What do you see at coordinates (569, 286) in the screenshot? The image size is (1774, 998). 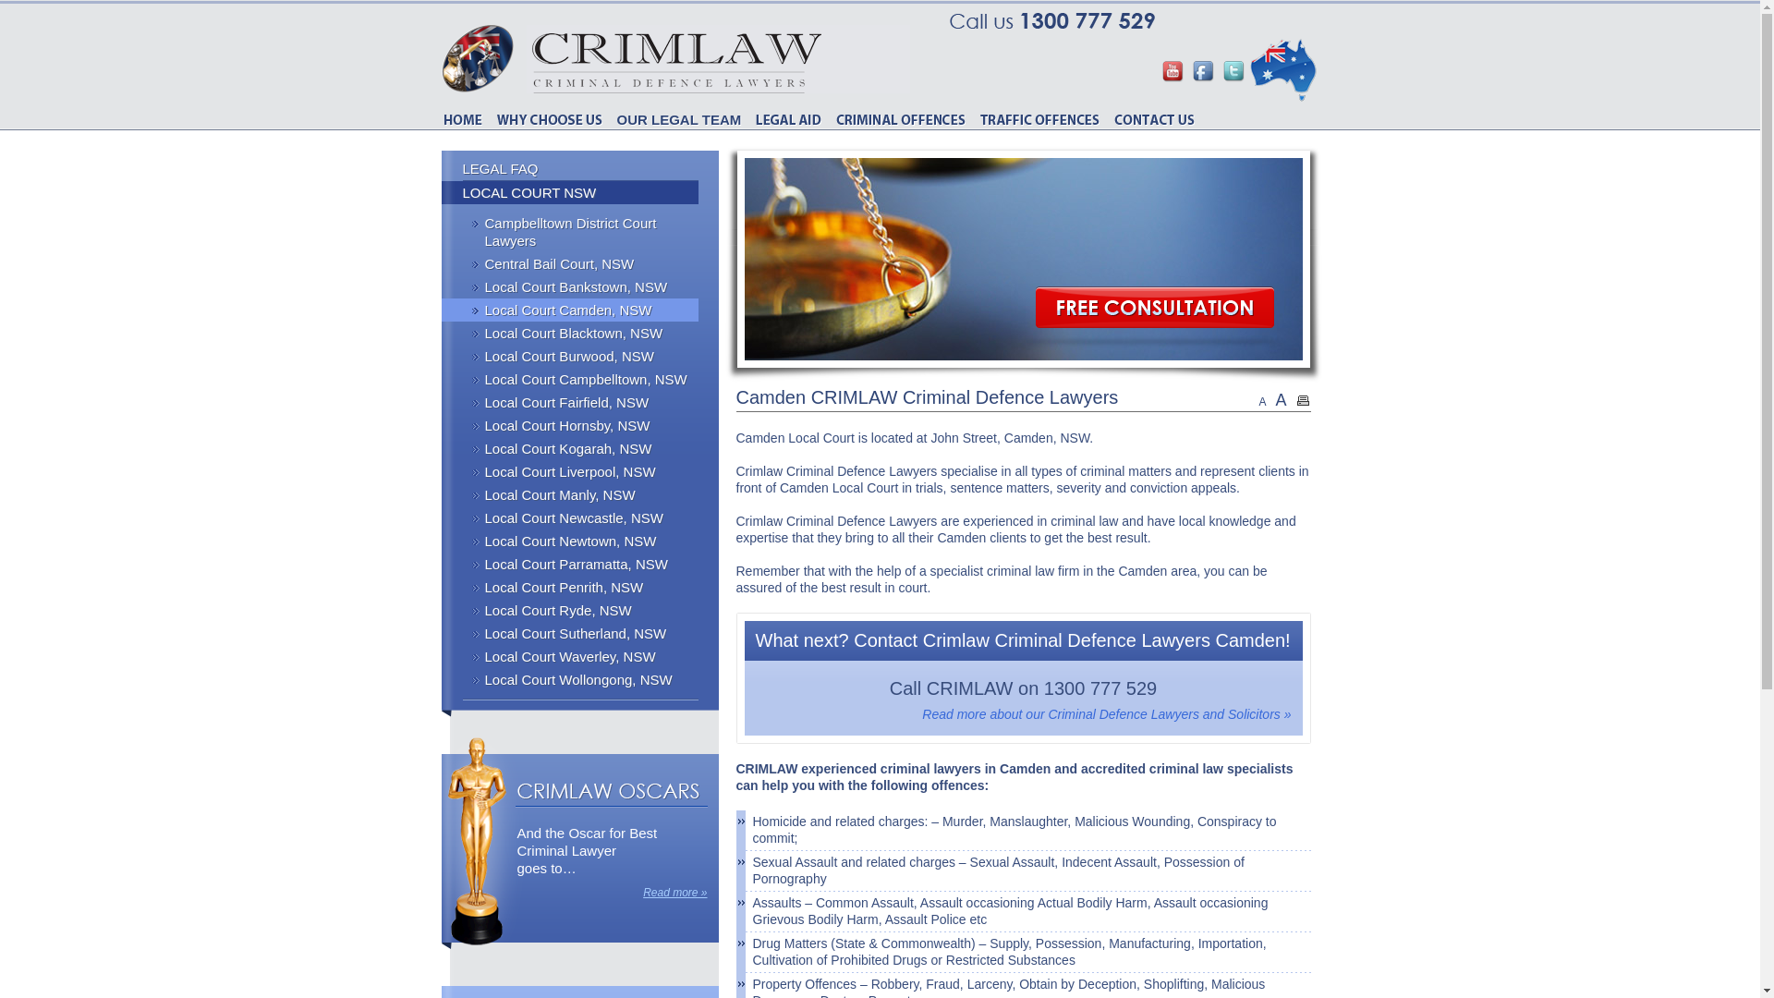 I see `'Local Court Bankstown, NSW'` at bounding box center [569, 286].